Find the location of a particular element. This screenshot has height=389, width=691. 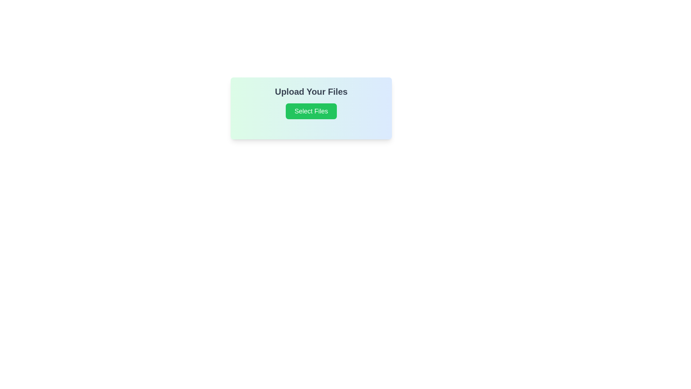

the Header text which informs users that files can be uploaded, located above the 'Select Files' button is located at coordinates (311, 91).